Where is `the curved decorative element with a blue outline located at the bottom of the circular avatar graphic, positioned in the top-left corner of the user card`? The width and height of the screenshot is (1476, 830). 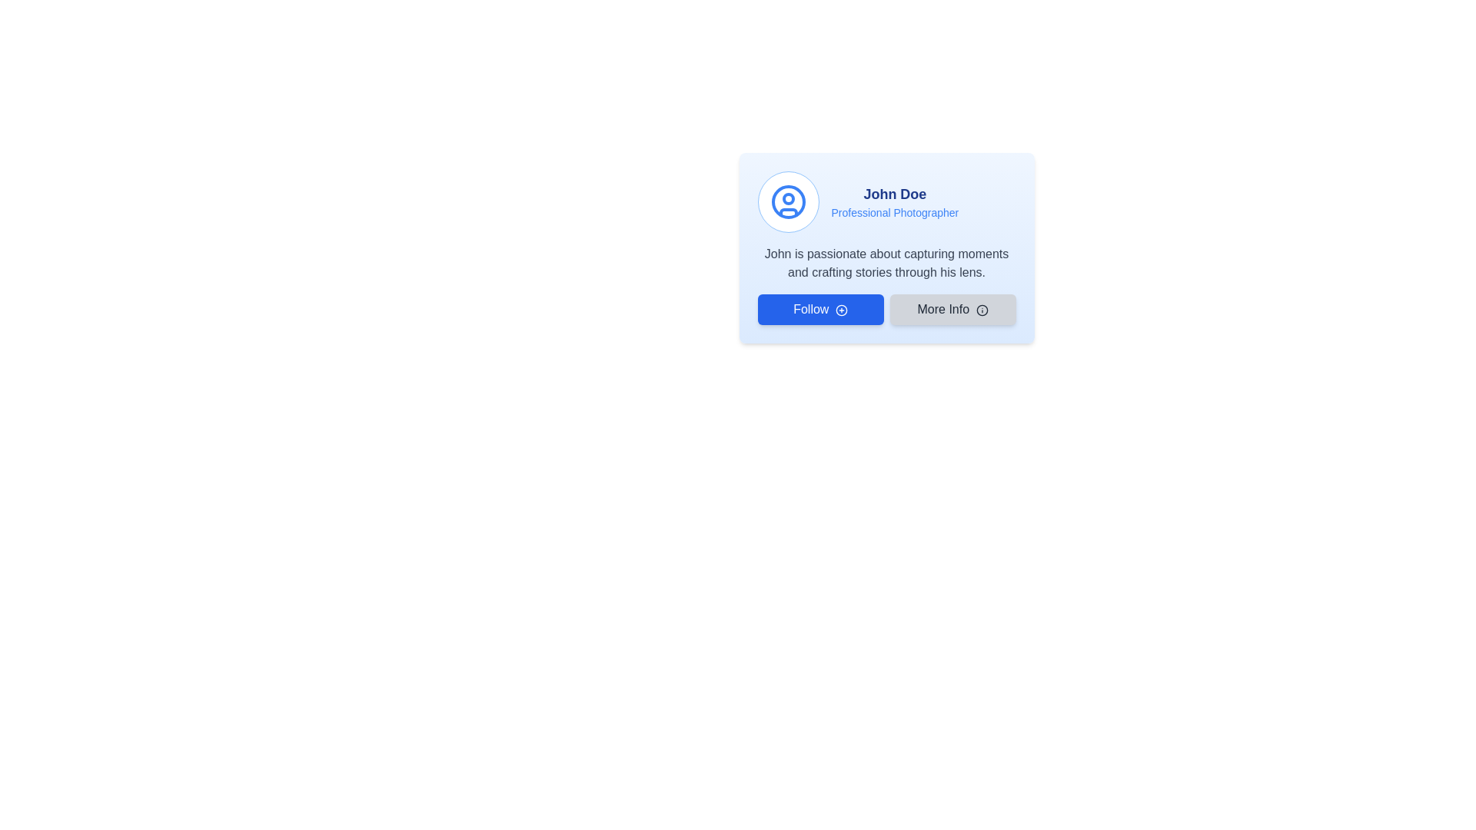 the curved decorative element with a blue outline located at the bottom of the circular avatar graphic, positioned in the top-left corner of the user card is located at coordinates (788, 212).